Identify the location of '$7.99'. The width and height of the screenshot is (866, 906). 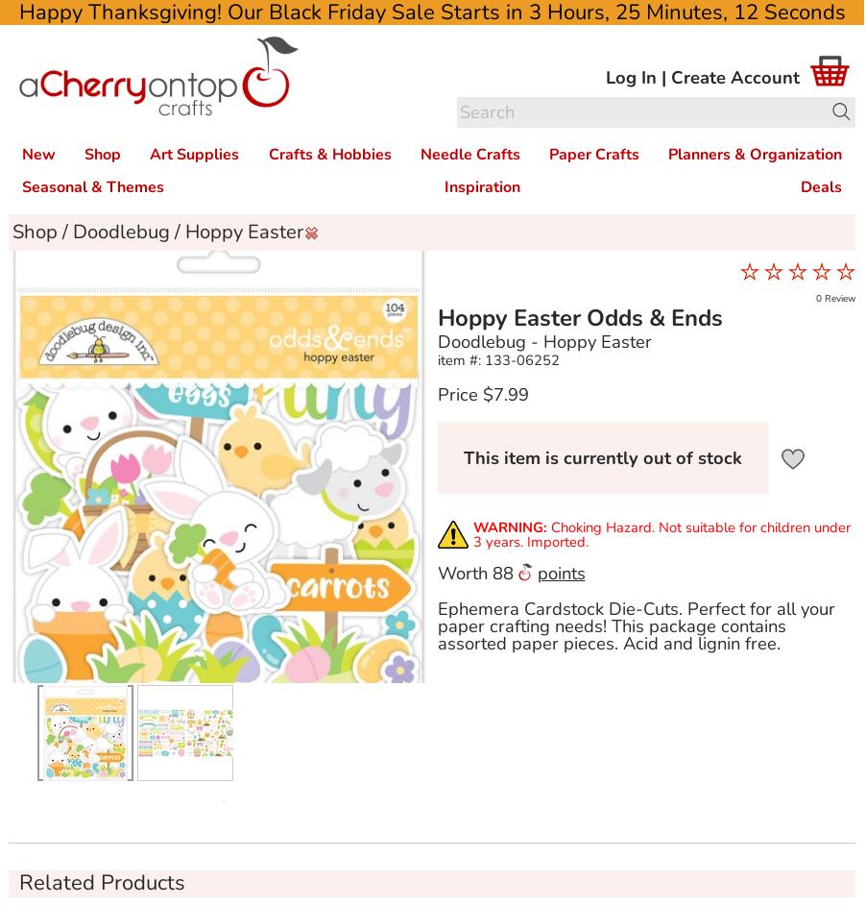
(503, 393).